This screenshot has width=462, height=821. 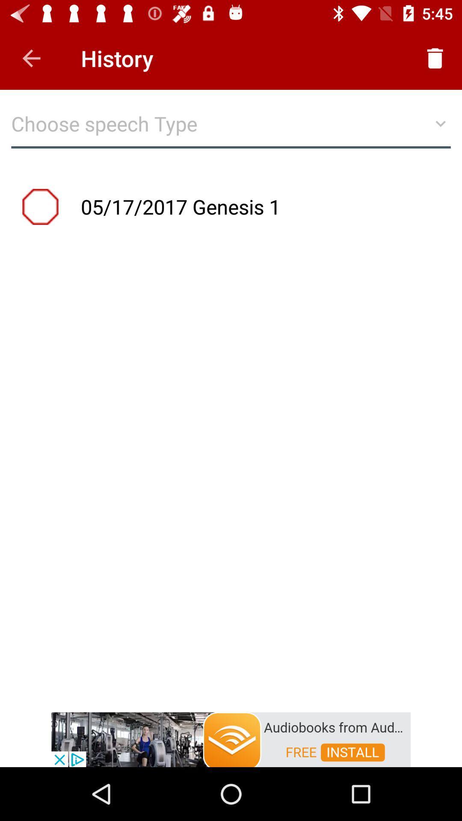 What do you see at coordinates (231, 738) in the screenshot?
I see `advertising` at bounding box center [231, 738].